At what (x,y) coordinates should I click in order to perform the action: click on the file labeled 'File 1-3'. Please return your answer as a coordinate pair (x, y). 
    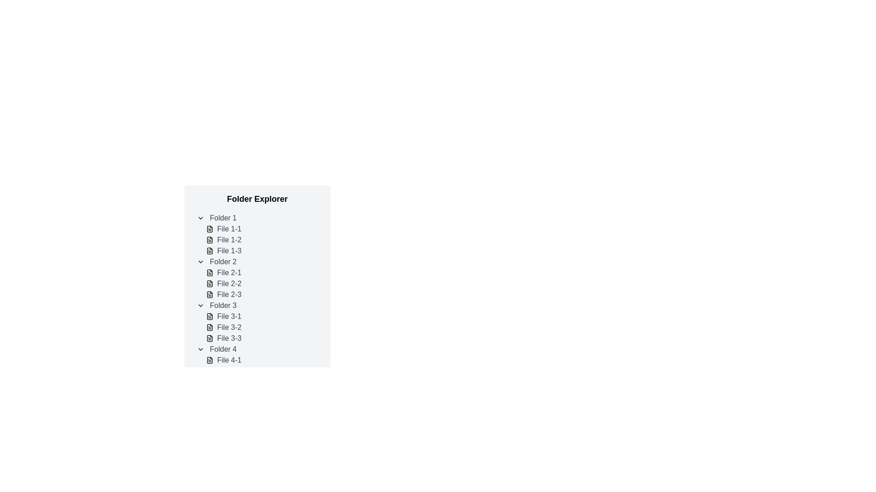
    Looking at the image, I should click on (262, 251).